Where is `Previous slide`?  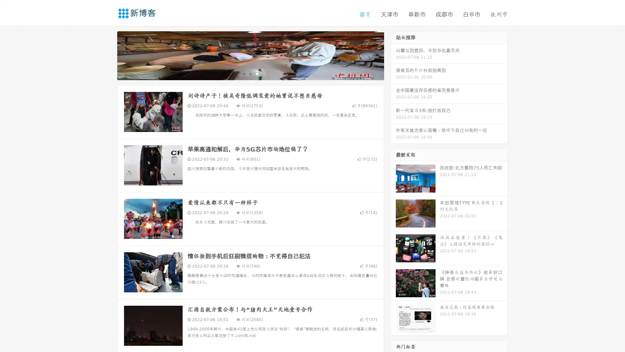 Previous slide is located at coordinates (107, 55).